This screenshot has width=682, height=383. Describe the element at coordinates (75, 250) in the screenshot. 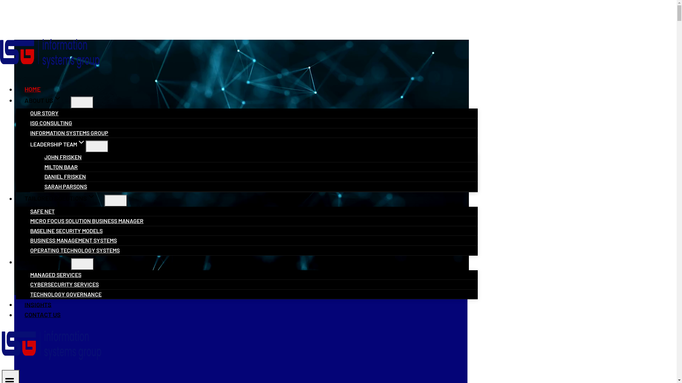

I see `'OPERATING TECHNOLOGY SYSTEMS'` at that location.